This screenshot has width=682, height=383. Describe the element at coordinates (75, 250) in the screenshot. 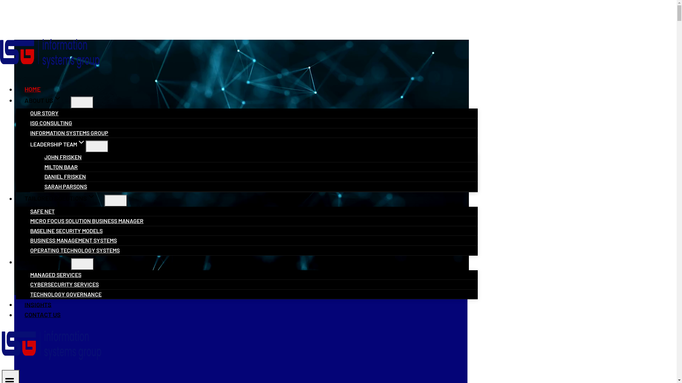

I see `'OPERATING TECHNOLOGY SYSTEMS'` at that location.